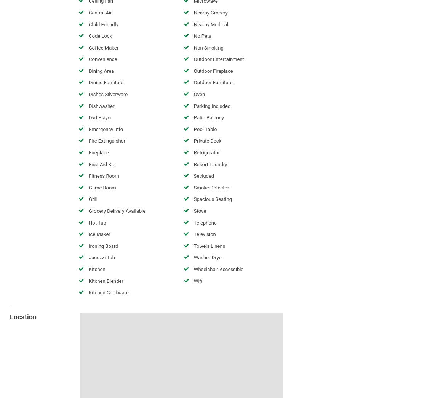 The width and height of the screenshot is (438, 398). Describe the element at coordinates (193, 257) in the screenshot. I see `'Washer Dryer'` at that location.